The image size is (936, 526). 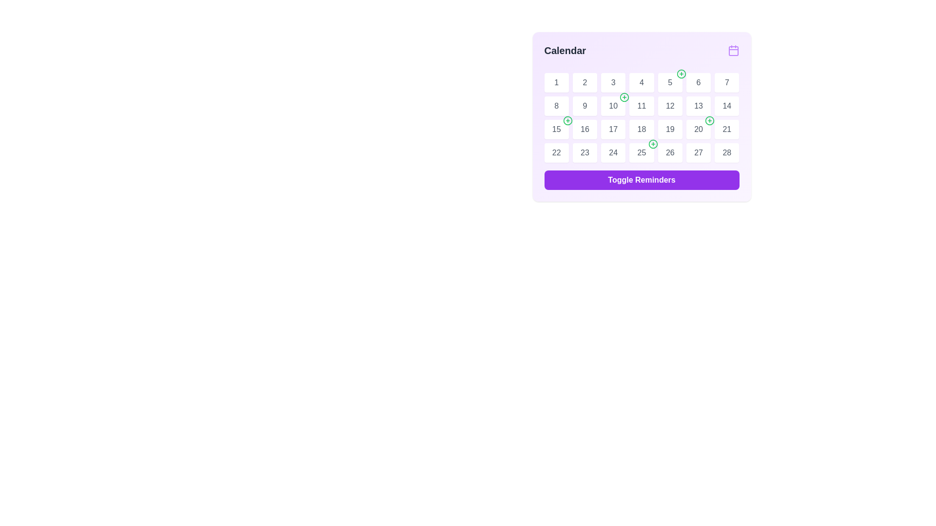 What do you see at coordinates (669, 152) in the screenshot?
I see `the Text label representing the date '26' in the calendar interface, located in the last row and fifth column of the grid` at bounding box center [669, 152].